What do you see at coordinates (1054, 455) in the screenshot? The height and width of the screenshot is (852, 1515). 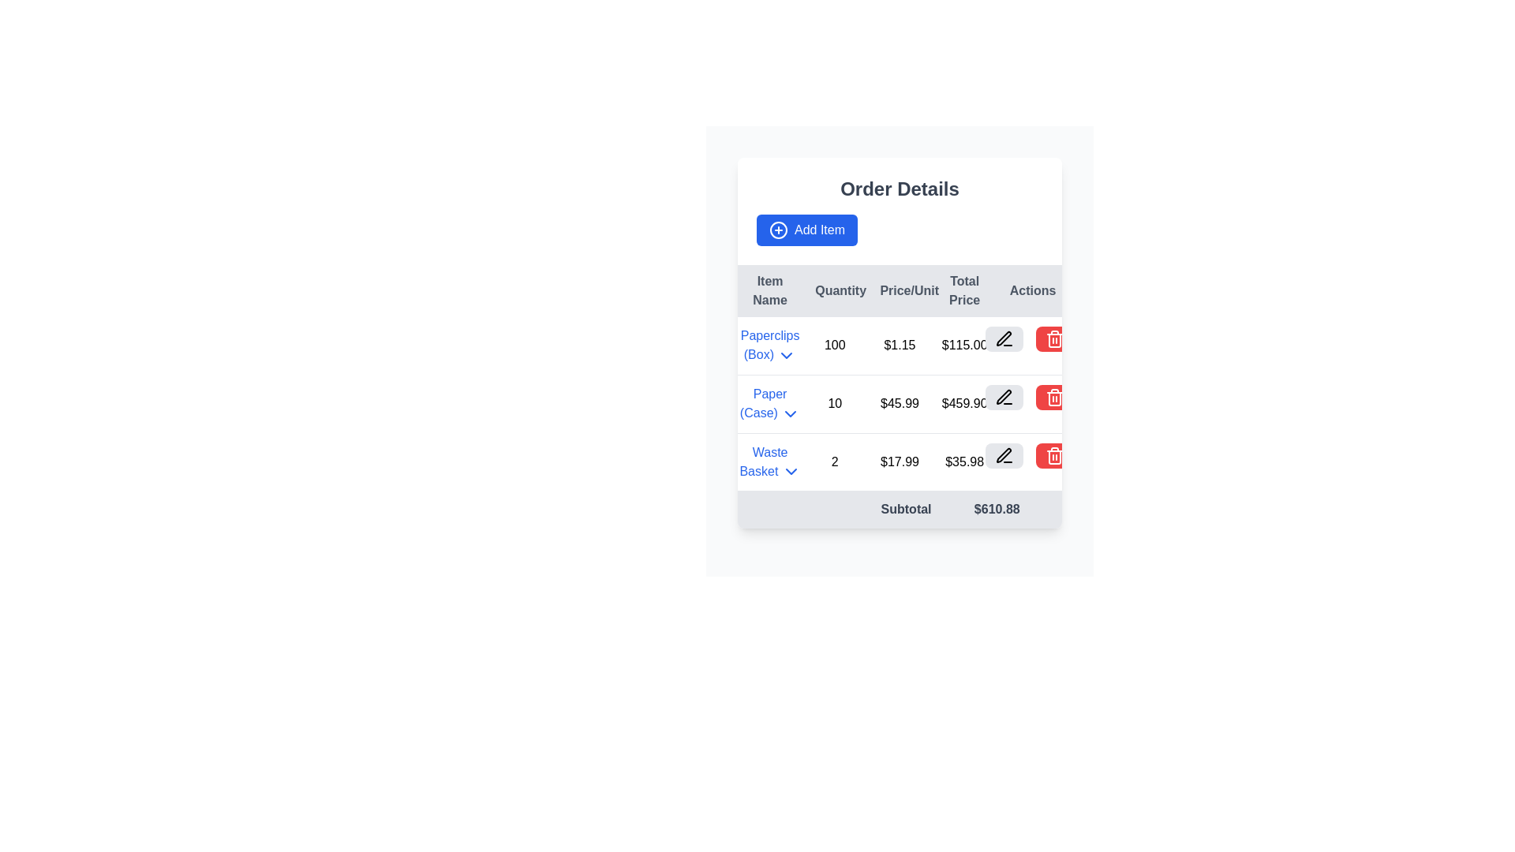 I see `the delete button located in the last column of the last row of the table in the 'Actions' column` at bounding box center [1054, 455].